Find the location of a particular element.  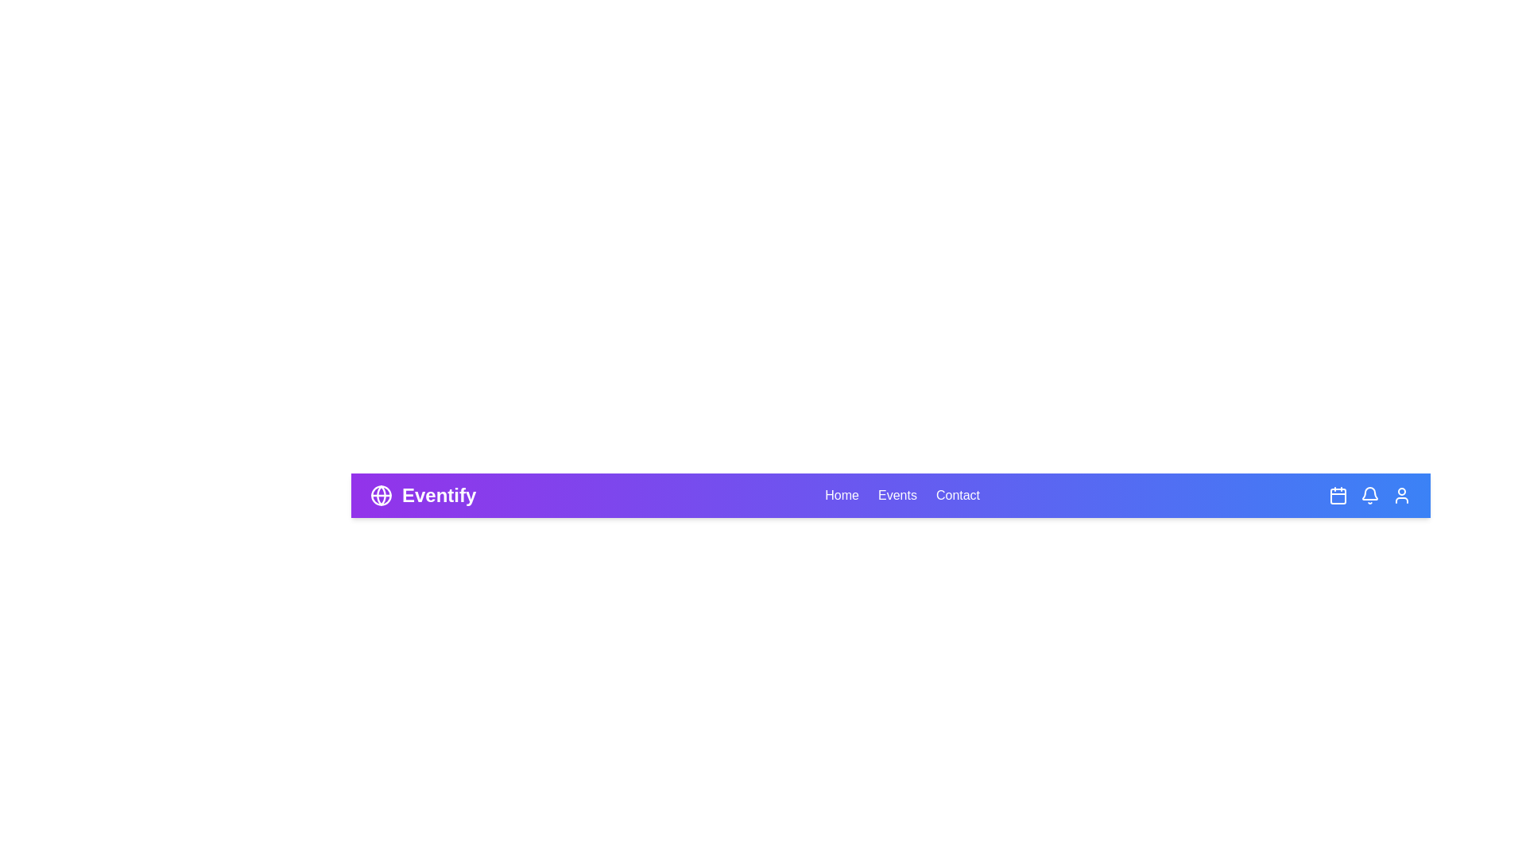

the calendar icon to view or manage the calendar is located at coordinates (1338, 495).